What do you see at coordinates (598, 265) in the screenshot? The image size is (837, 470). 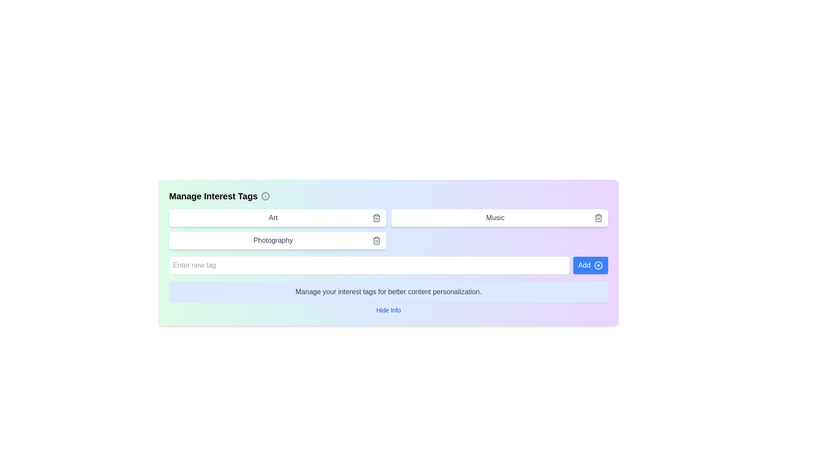 I see `the 'Add' icon embedded in the button located on the right-hand side of the 'Enter new tag' input field` at bounding box center [598, 265].